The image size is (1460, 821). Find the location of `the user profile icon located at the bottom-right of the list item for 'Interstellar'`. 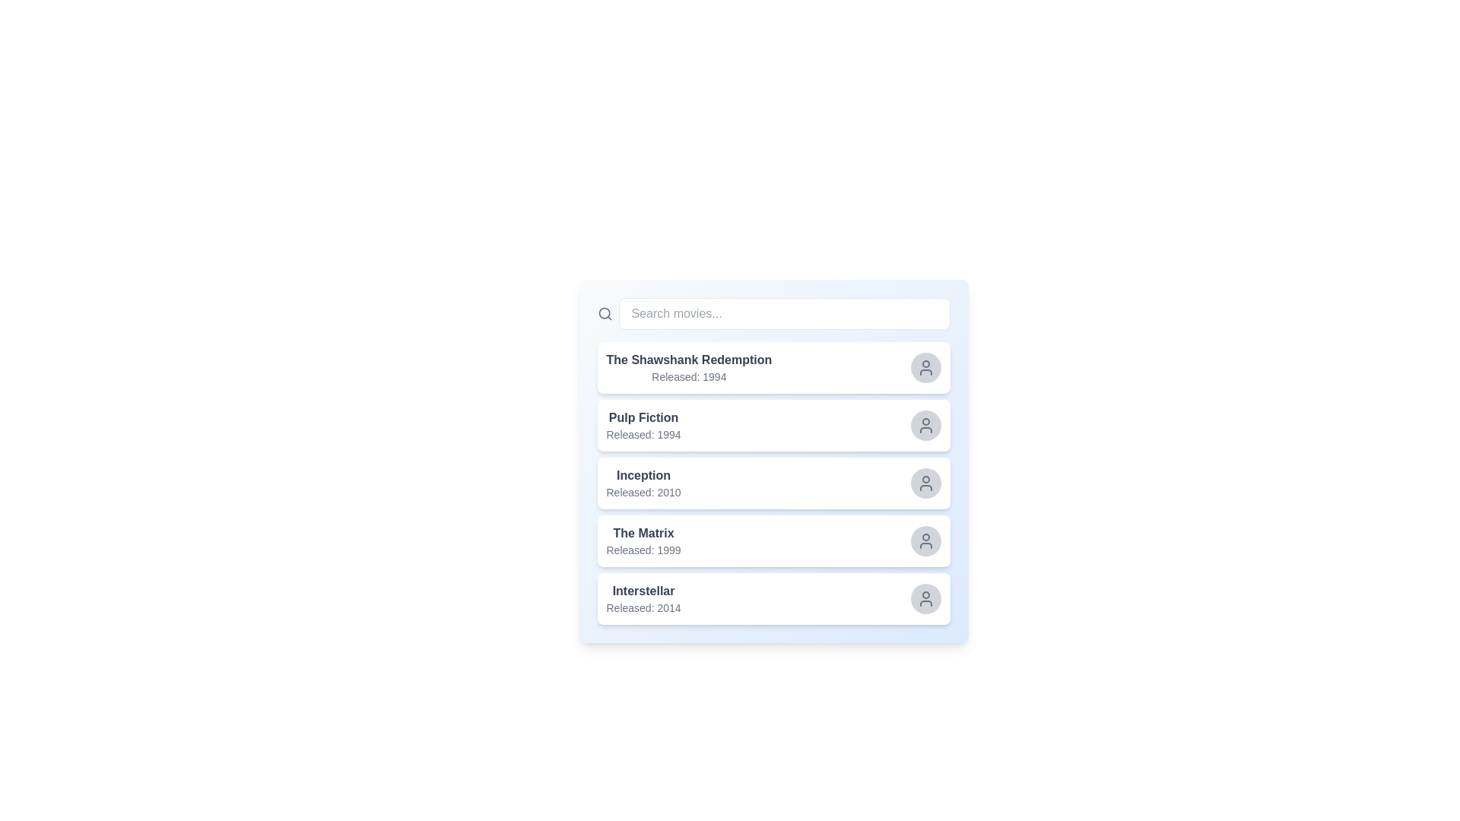

the user profile icon located at the bottom-right of the list item for 'Interstellar' is located at coordinates (925, 598).